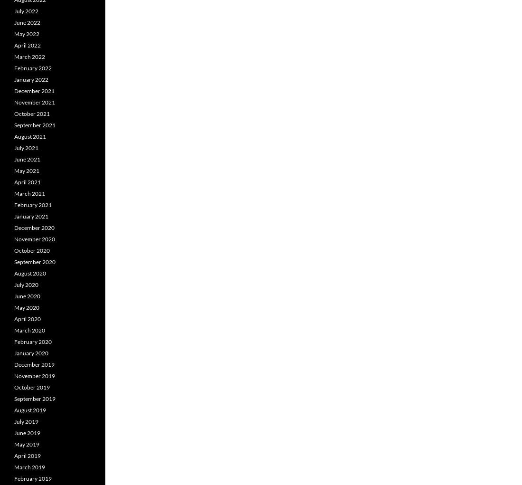  Describe the element at coordinates (31, 352) in the screenshot. I see `'January 2020'` at that location.